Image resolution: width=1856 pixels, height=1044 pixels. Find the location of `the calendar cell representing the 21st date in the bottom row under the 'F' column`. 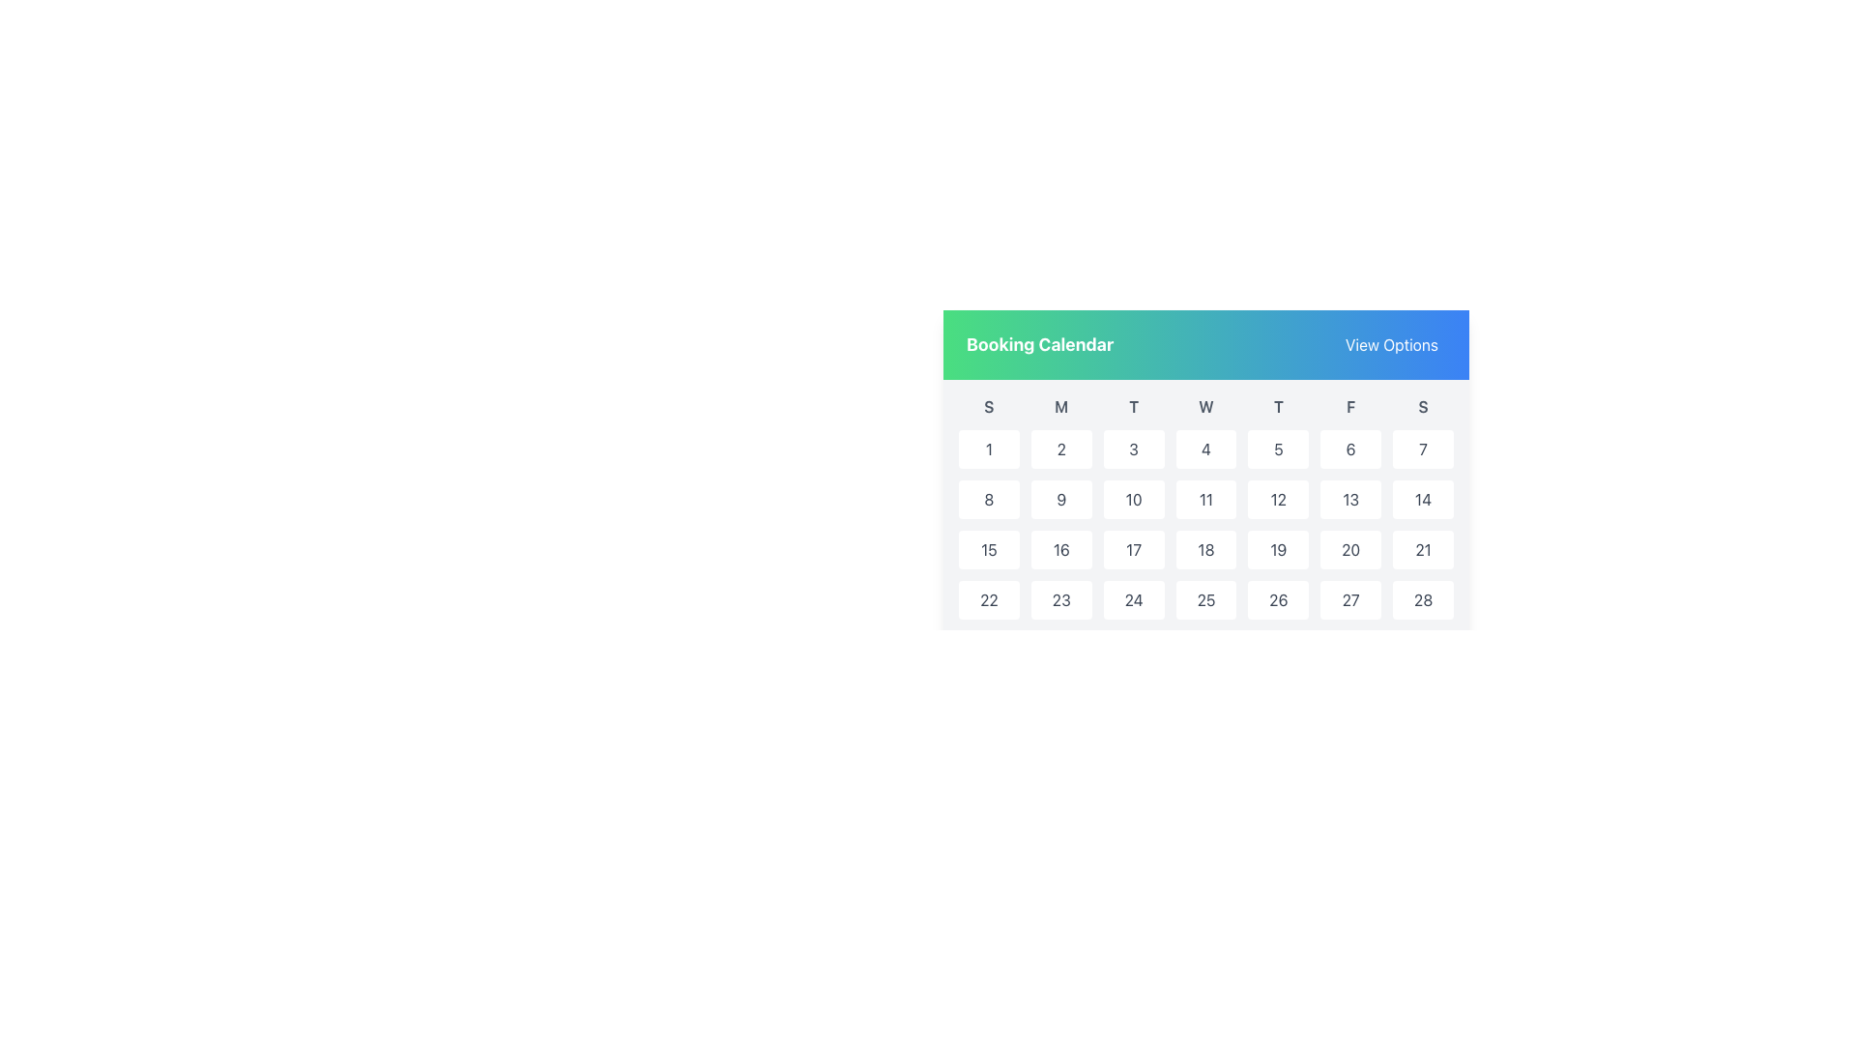

the calendar cell representing the 21st date in the bottom row under the 'F' column is located at coordinates (1423, 550).